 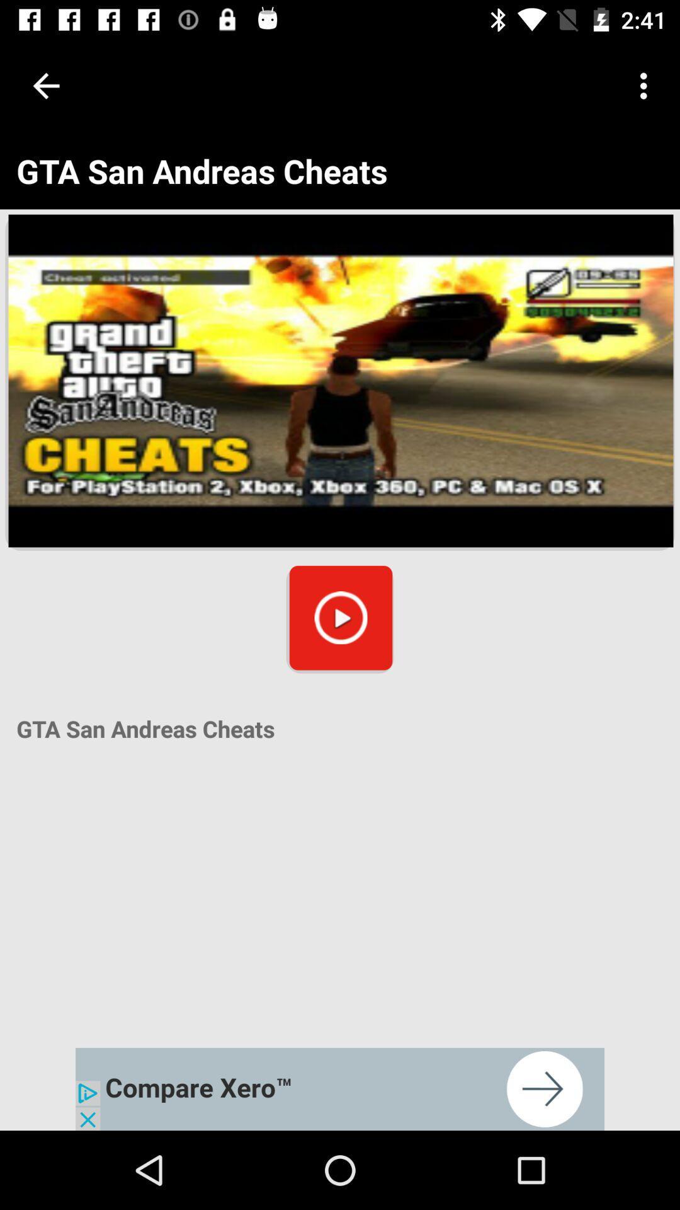 What do you see at coordinates (340, 1088) in the screenshot?
I see `click on advertisement` at bounding box center [340, 1088].